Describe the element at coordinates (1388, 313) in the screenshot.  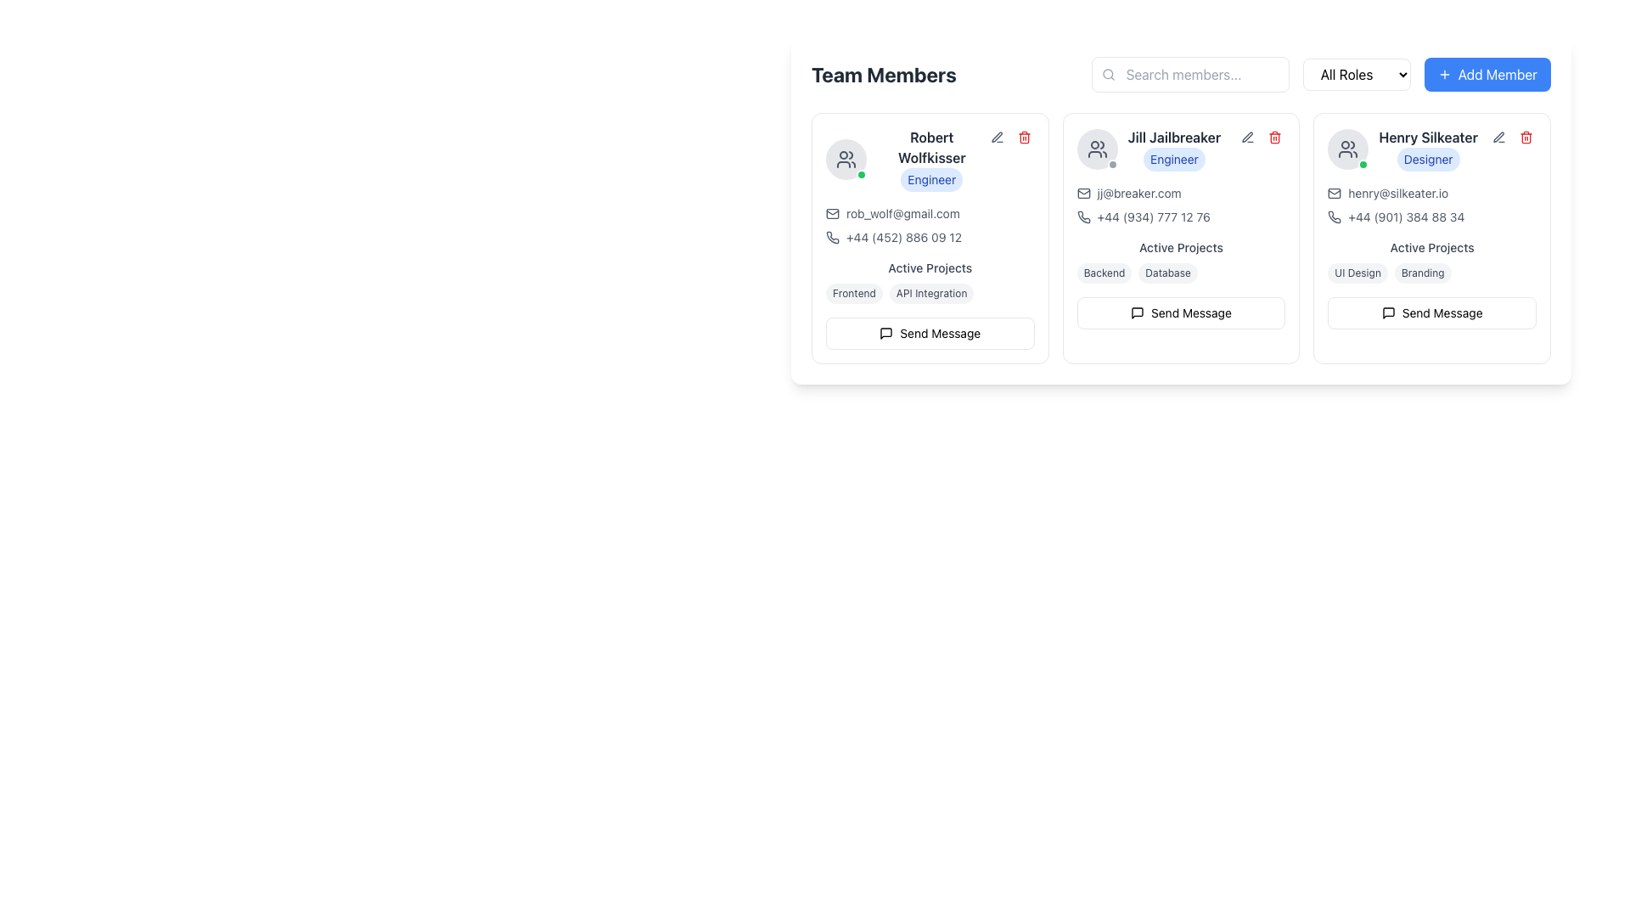
I see `the conversation bubble icon located in the profile card of 'Henry Silkeater' at the top-right corner of the card` at that location.